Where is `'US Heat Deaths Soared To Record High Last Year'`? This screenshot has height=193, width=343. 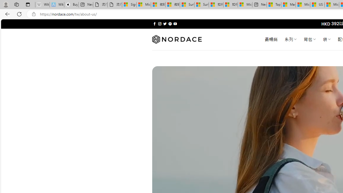 'US Heat Deaths Soared To Record High Last Year' is located at coordinates (317, 5).